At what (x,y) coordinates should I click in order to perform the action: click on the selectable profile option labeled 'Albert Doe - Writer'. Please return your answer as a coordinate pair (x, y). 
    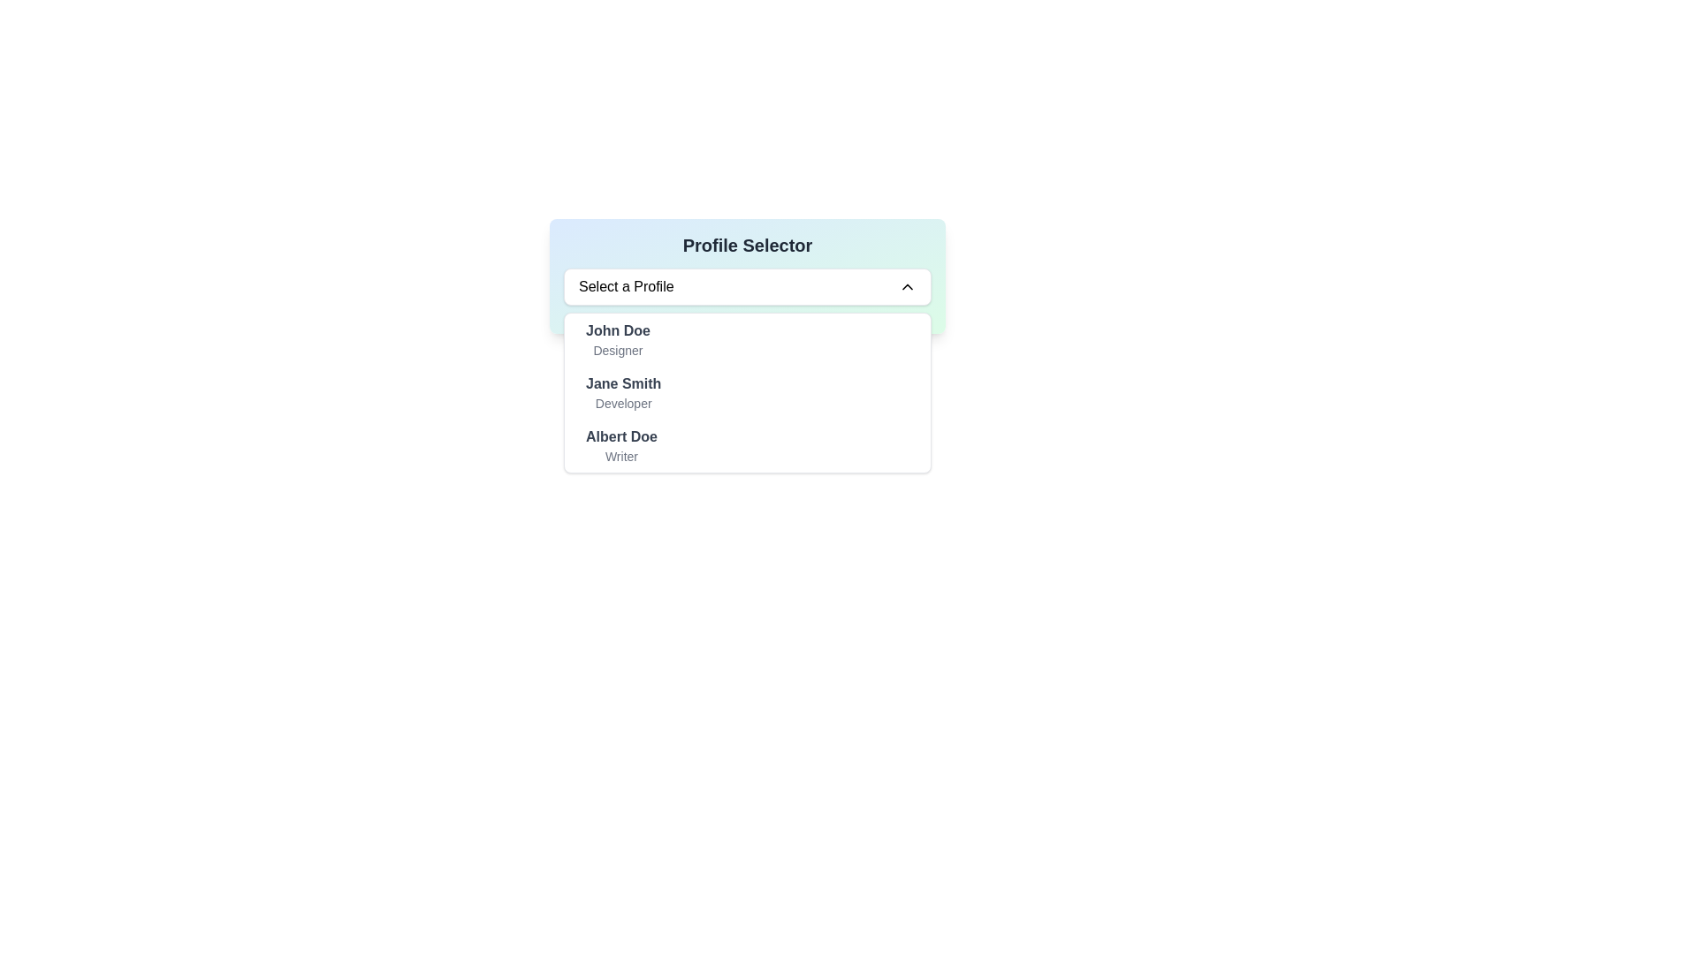
    Looking at the image, I should click on (621, 445).